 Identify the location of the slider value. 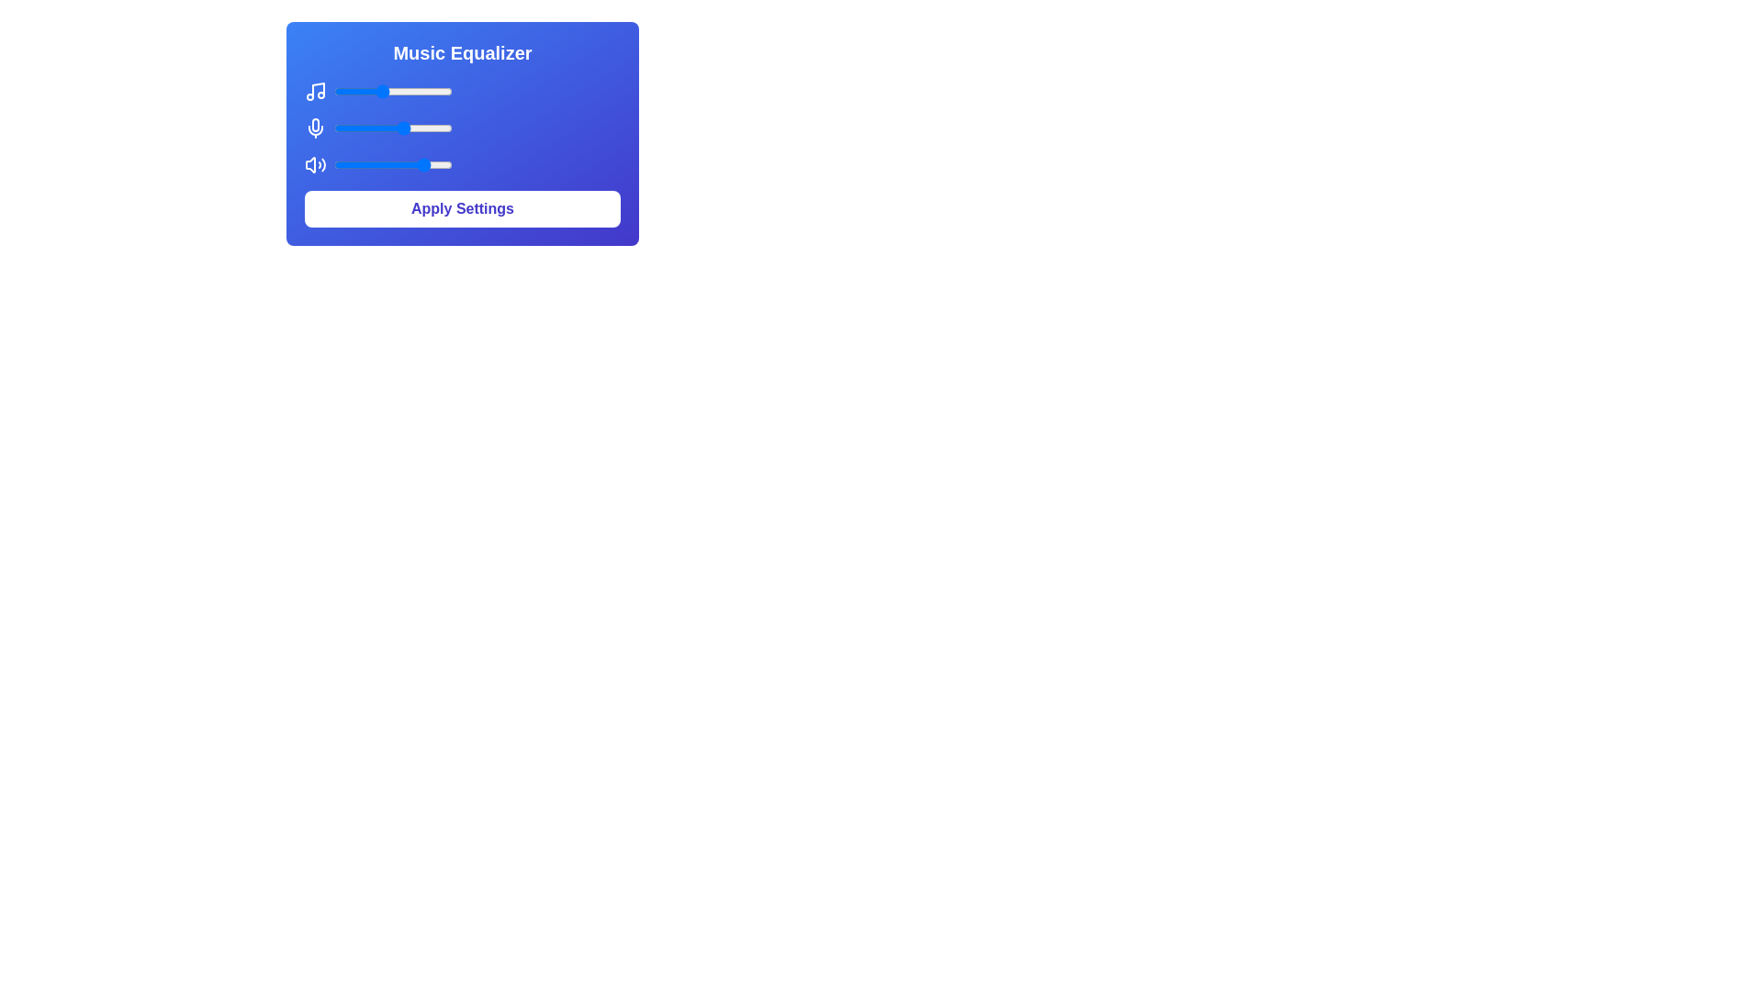
(385, 165).